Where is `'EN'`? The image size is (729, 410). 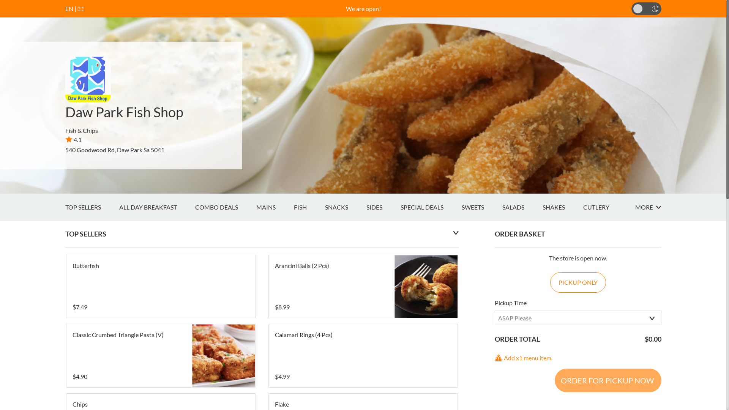 'EN' is located at coordinates (69, 8).